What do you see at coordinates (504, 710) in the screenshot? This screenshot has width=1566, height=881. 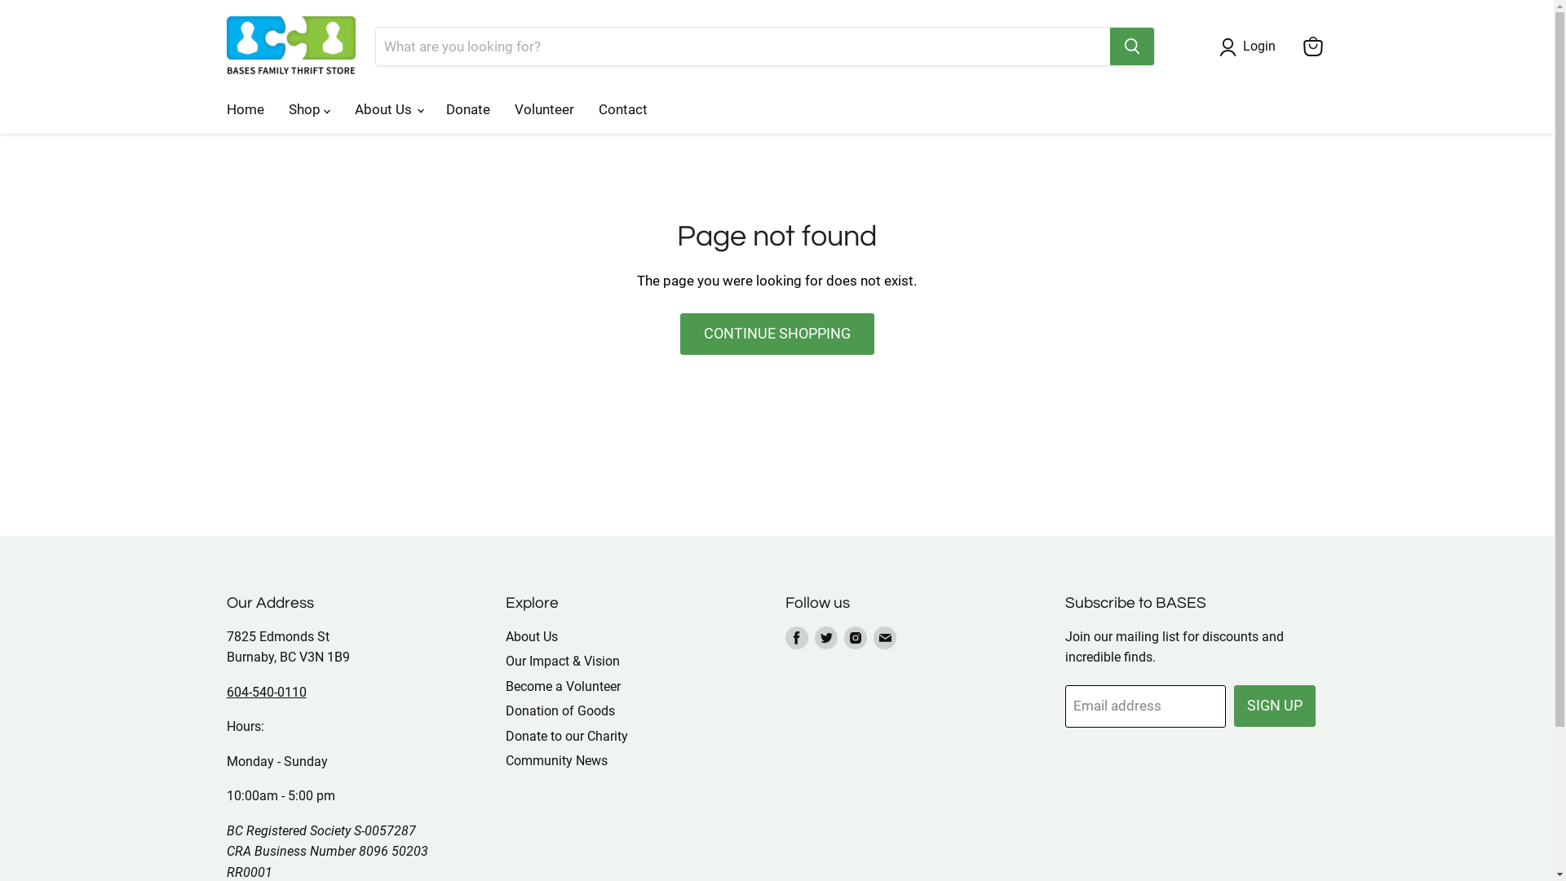 I see `'Donation of Goods'` at bounding box center [504, 710].